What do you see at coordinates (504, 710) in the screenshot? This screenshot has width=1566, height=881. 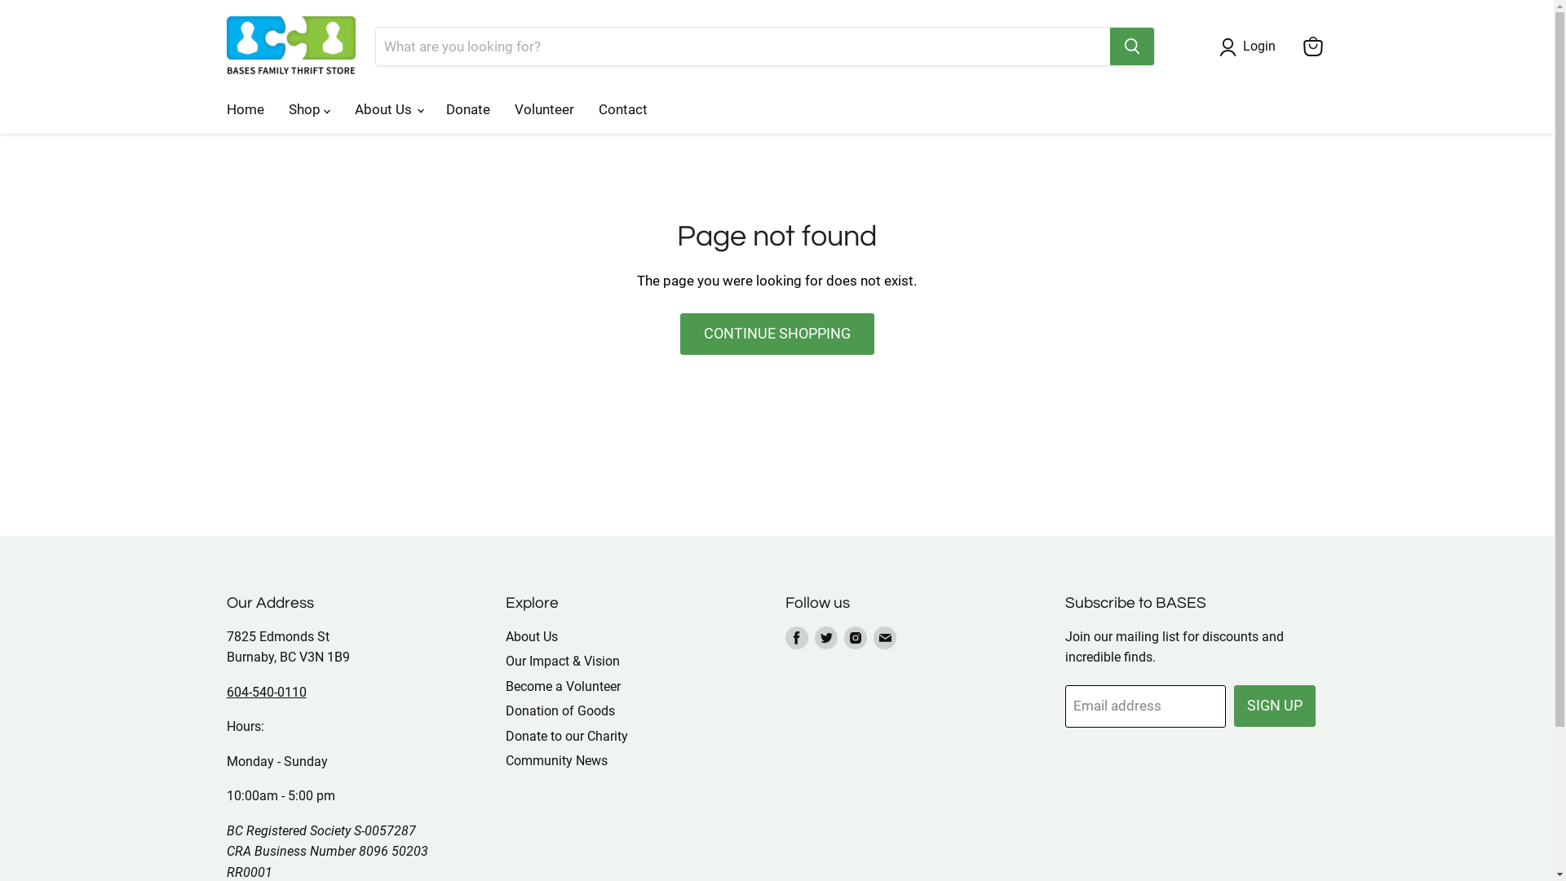 I see `'Donation of Goods'` at bounding box center [504, 710].